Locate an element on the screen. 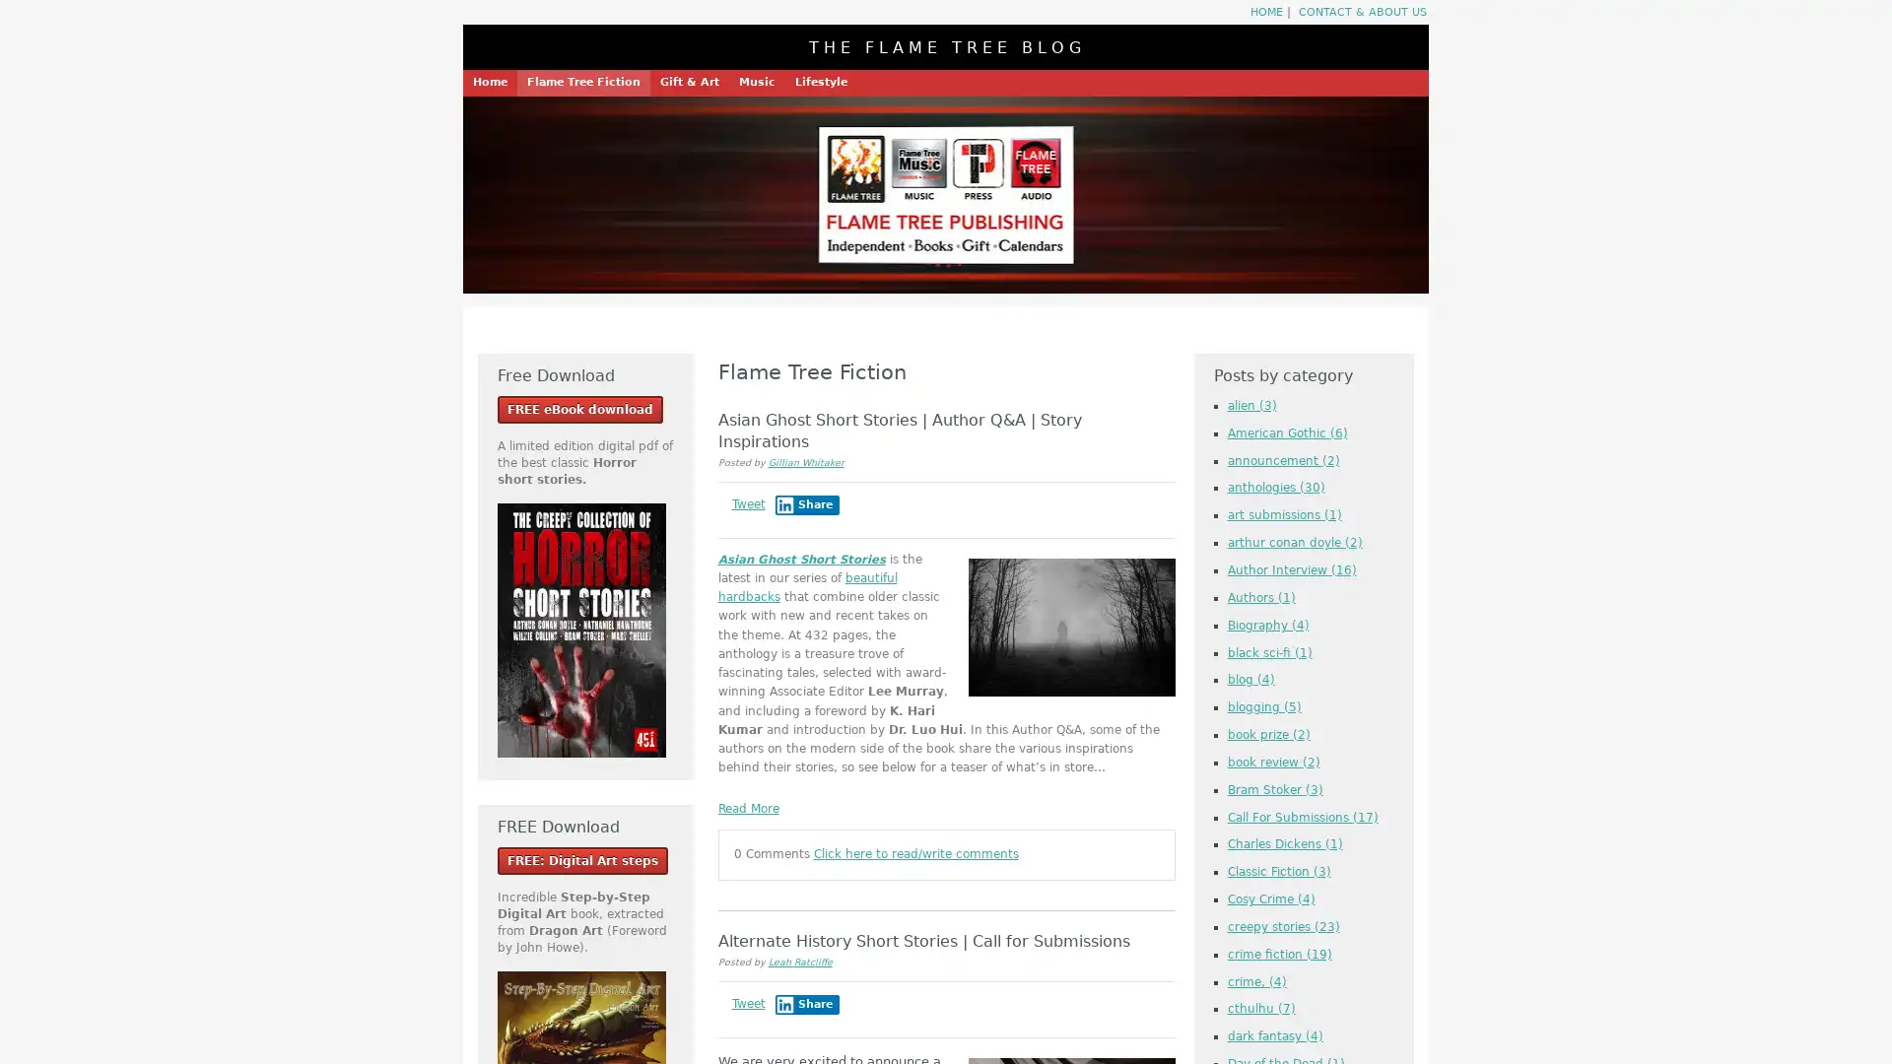 Image resolution: width=1892 pixels, height=1064 pixels. Share is located at coordinates (846, 1003).